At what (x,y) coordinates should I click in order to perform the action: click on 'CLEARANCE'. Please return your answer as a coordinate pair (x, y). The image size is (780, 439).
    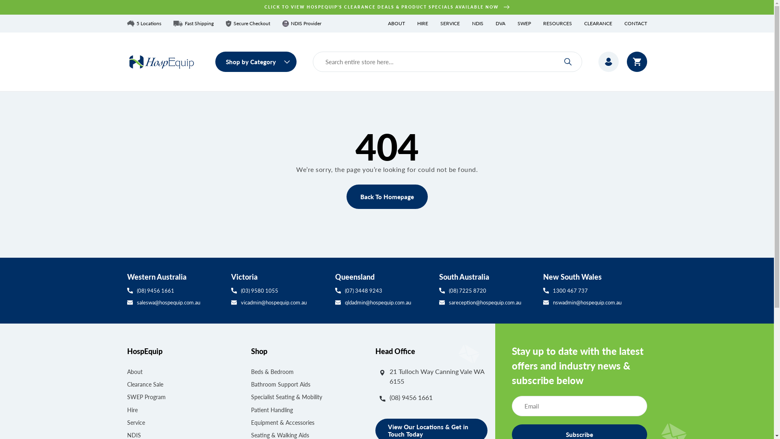
    Looking at the image, I should click on (584, 23).